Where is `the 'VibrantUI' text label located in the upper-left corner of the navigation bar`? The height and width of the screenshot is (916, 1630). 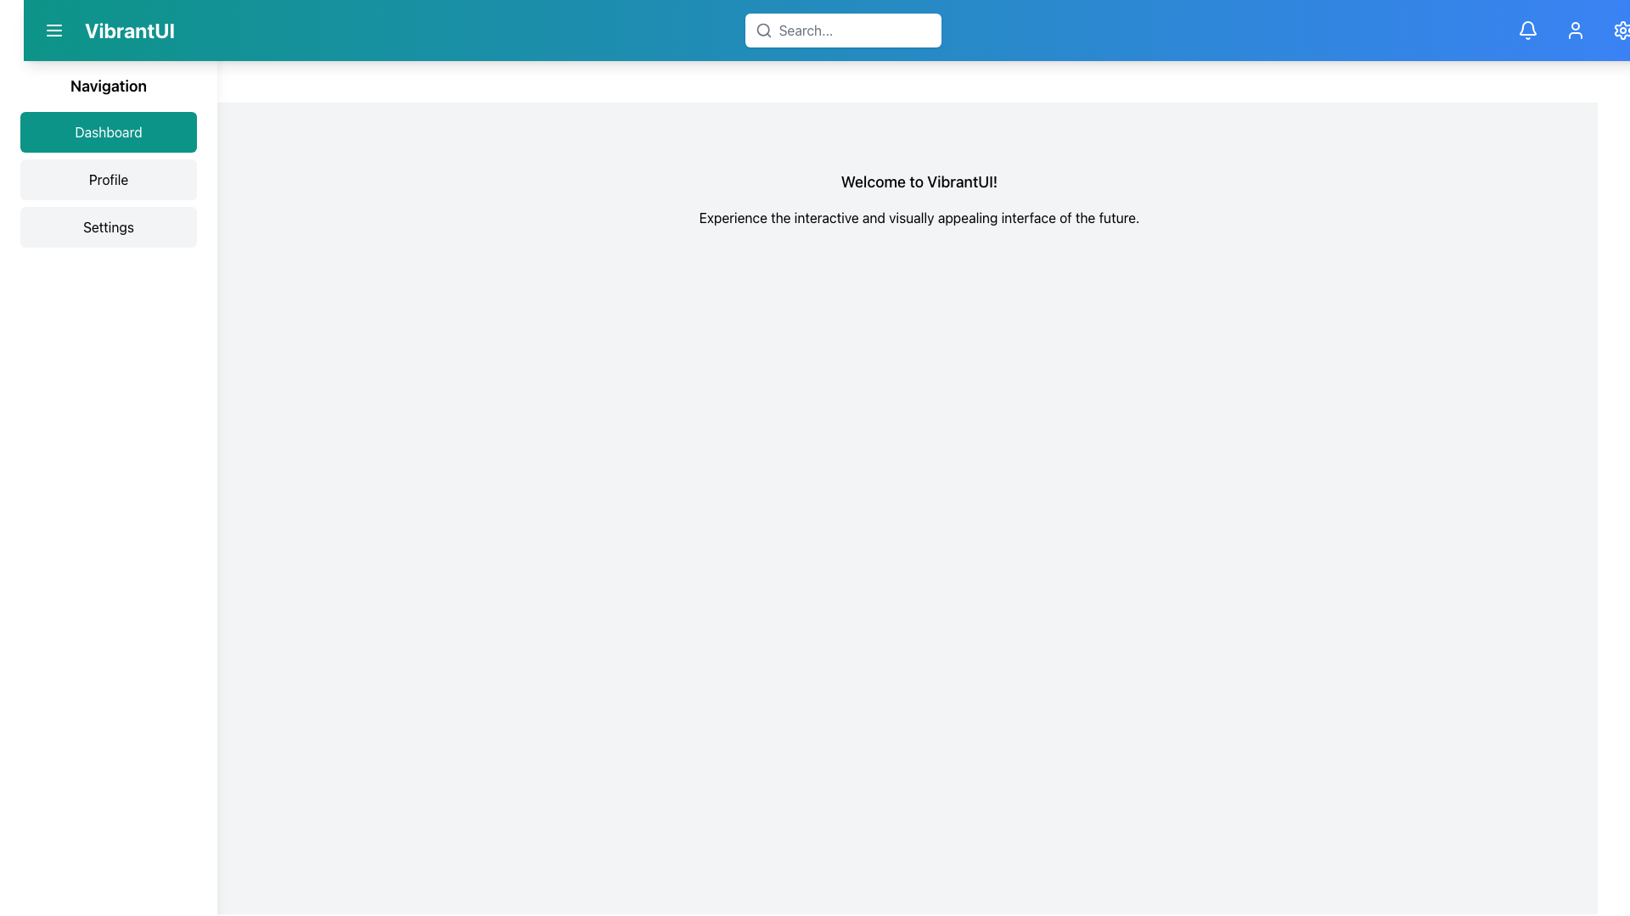
the 'VibrantUI' text label located in the upper-left corner of the navigation bar is located at coordinates (105, 30).